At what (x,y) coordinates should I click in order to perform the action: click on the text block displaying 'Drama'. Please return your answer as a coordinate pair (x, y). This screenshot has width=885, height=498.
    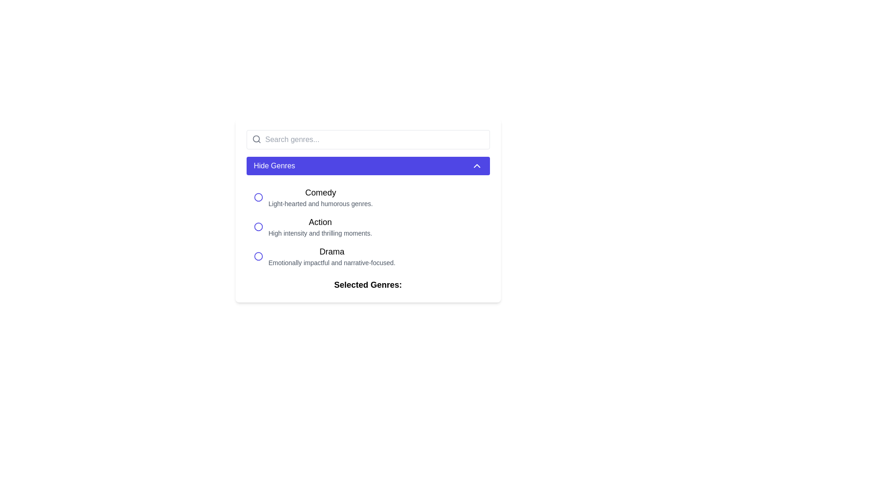
    Looking at the image, I should click on (332, 256).